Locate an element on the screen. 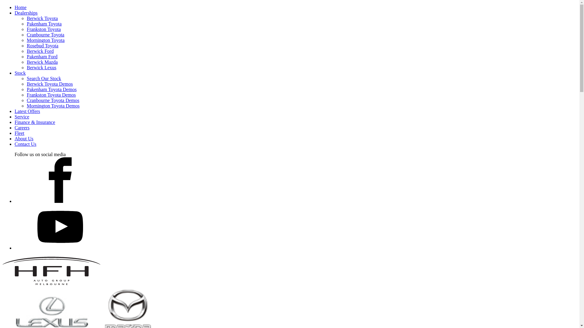  'Pakenham Ford' is located at coordinates (42, 56).